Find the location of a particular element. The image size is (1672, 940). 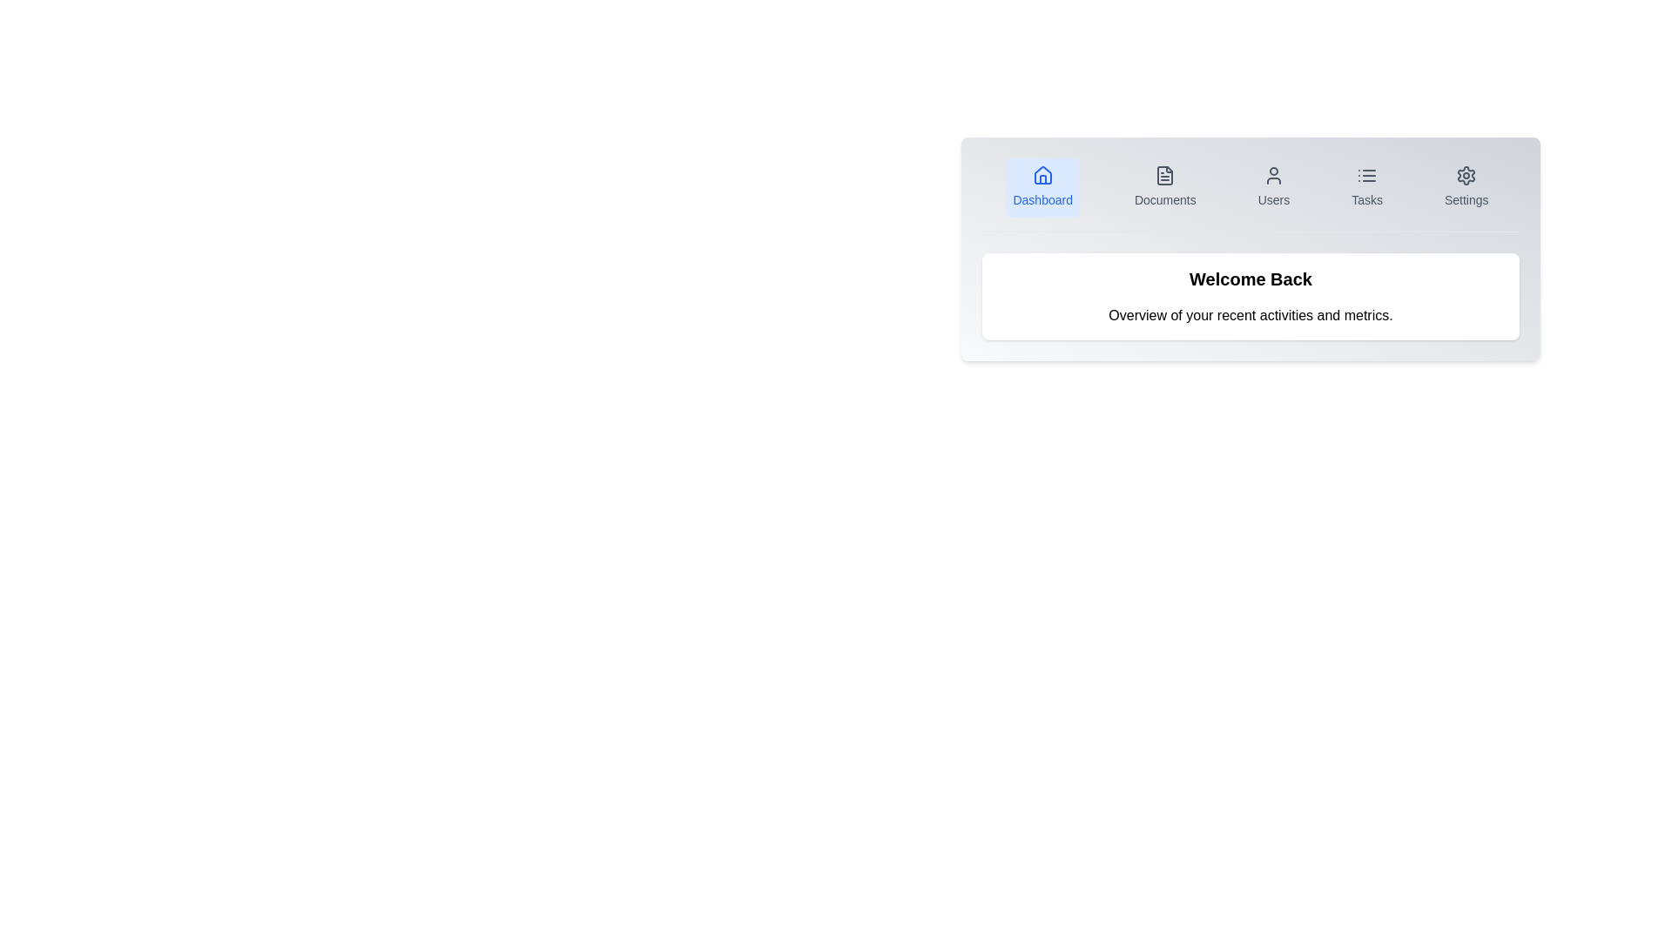

the Navigation Button, which features a user icon above a gray 'Users' label, located at the top of the interface between the 'Documents' and 'Tasks' elements is located at coordinates (1273, 188).